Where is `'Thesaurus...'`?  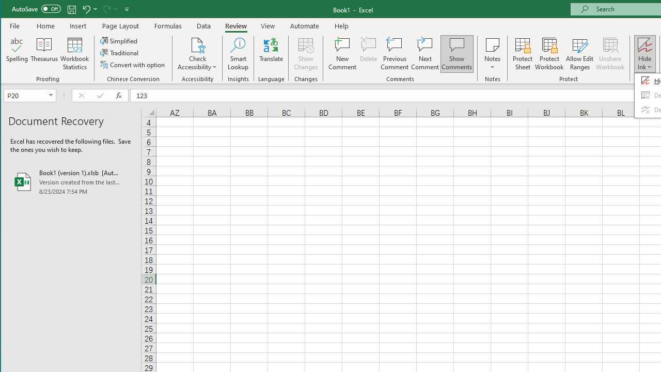
'Thesaurus...' is located at coordinates (44, 54).